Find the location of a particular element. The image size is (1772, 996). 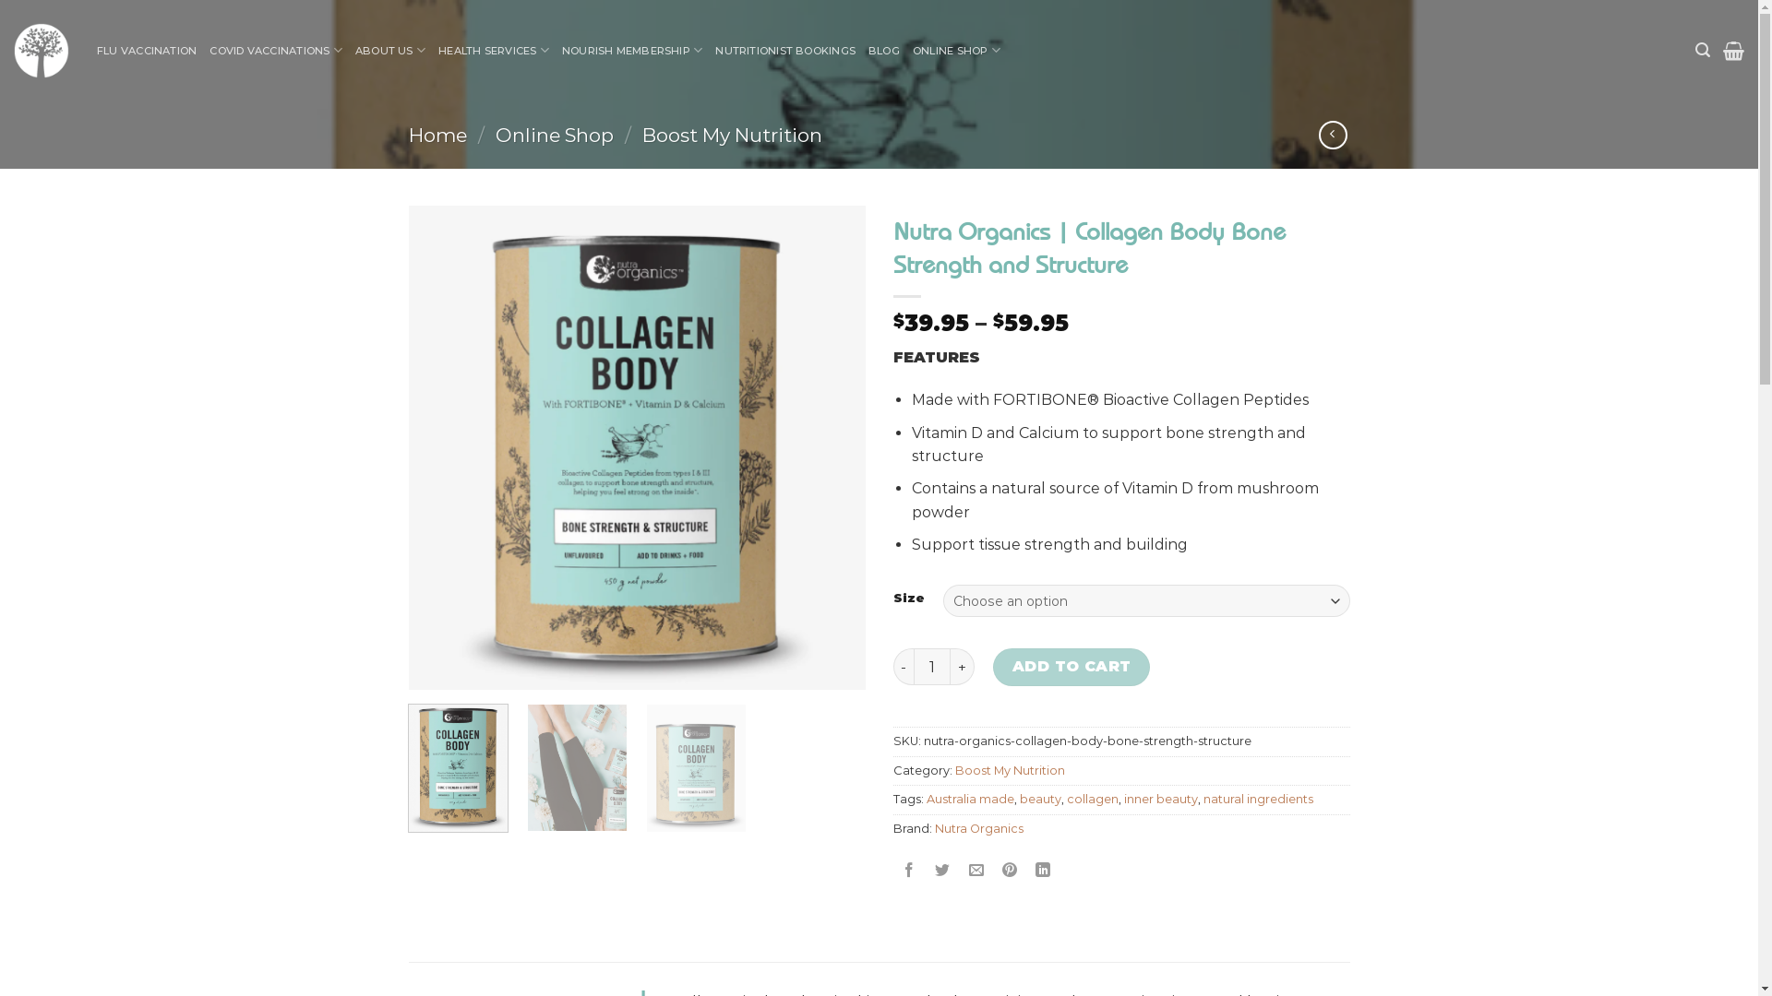

'Boost My Nutrition' is located at coordinates (1008, 770).